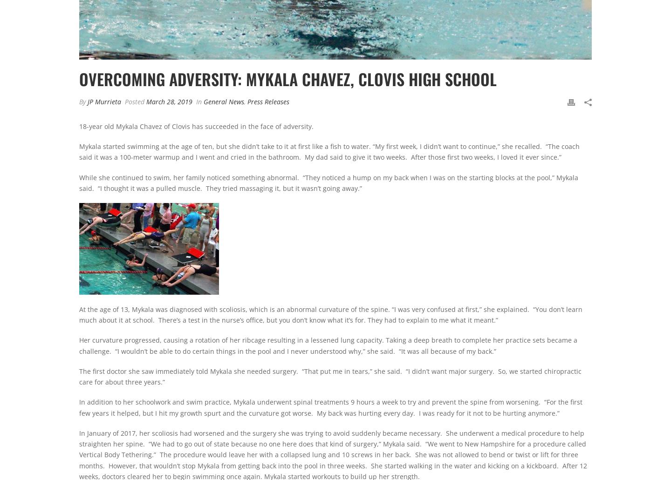 This screenshot has width=671, height=480. What do you see at coordinates (122, 101) in the screenshot?
I see `'Posted'` at bounding box center [122, 101].